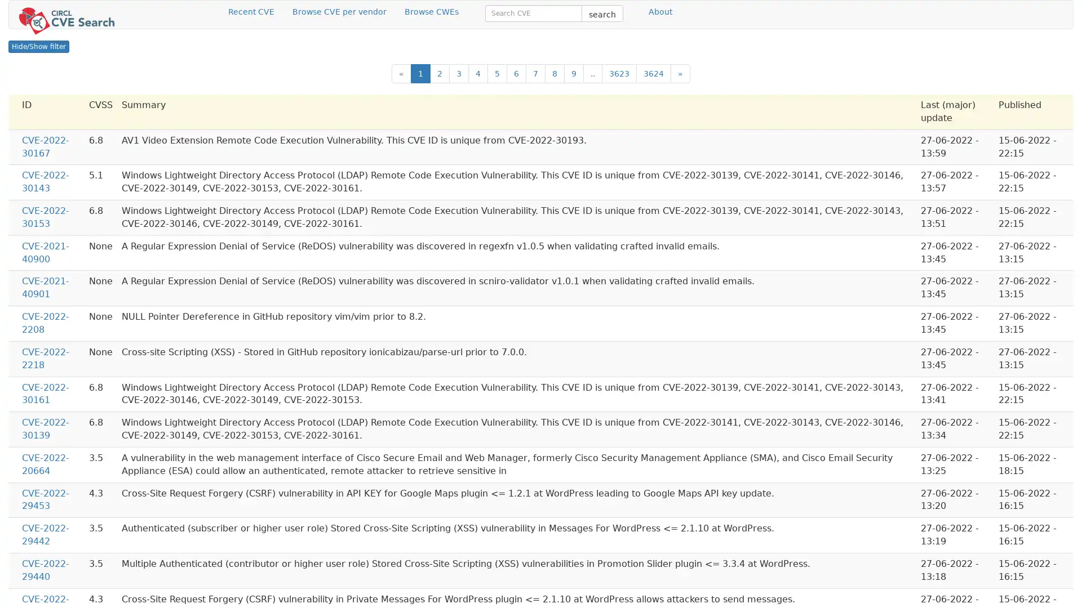 Image resolution: width=1082 pixels, height=608 pixels. What do you see at coordinates (602, 13) in the screenshot?
I see `search` at bounding box center [602, 13].